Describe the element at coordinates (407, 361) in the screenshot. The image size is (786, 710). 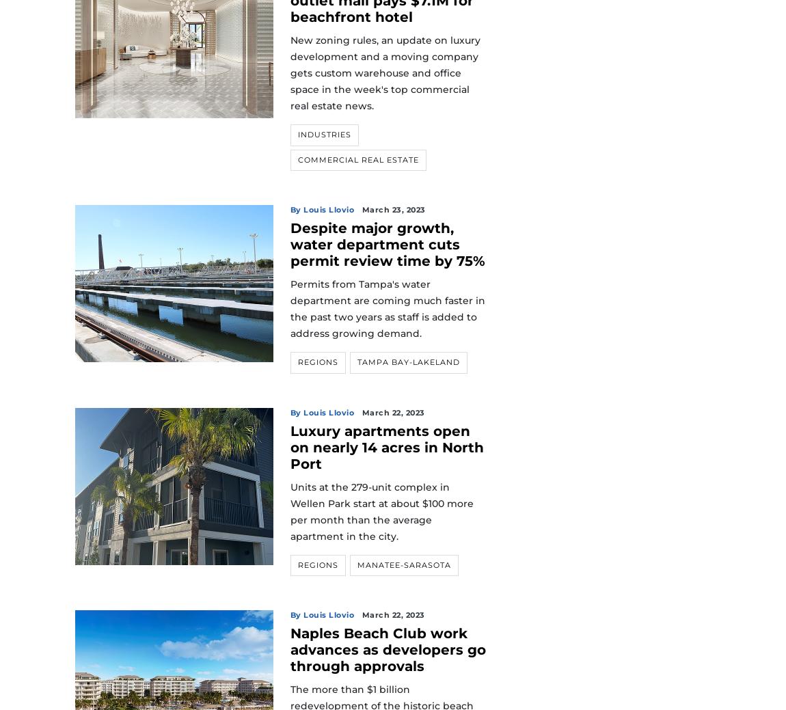
I see `'Tampa Bay-Lakeland'` at that location.